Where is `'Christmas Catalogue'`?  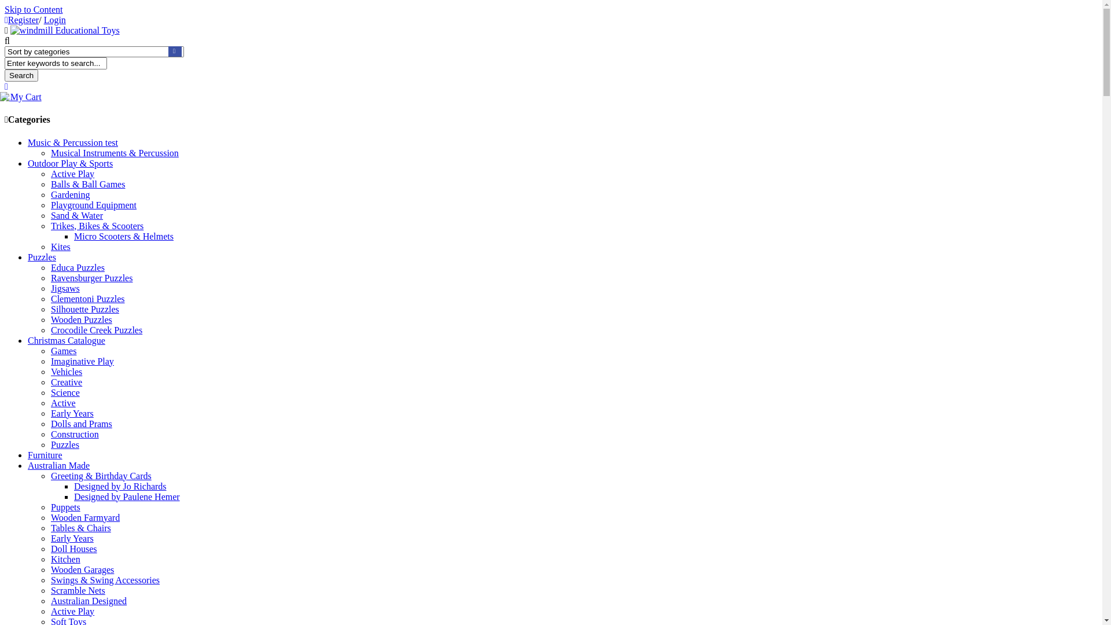
'Christmas Catalogue' is located at coordinates (66, 340).